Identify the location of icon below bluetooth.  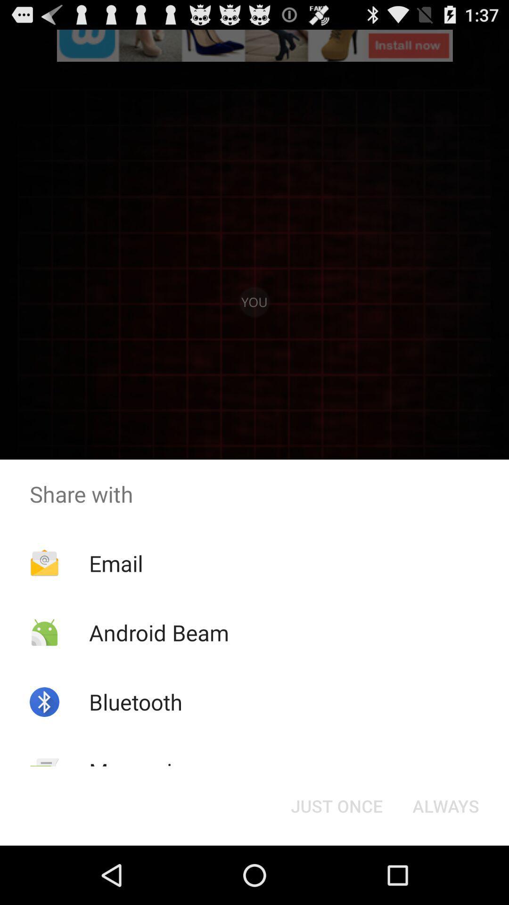
(143, 771).